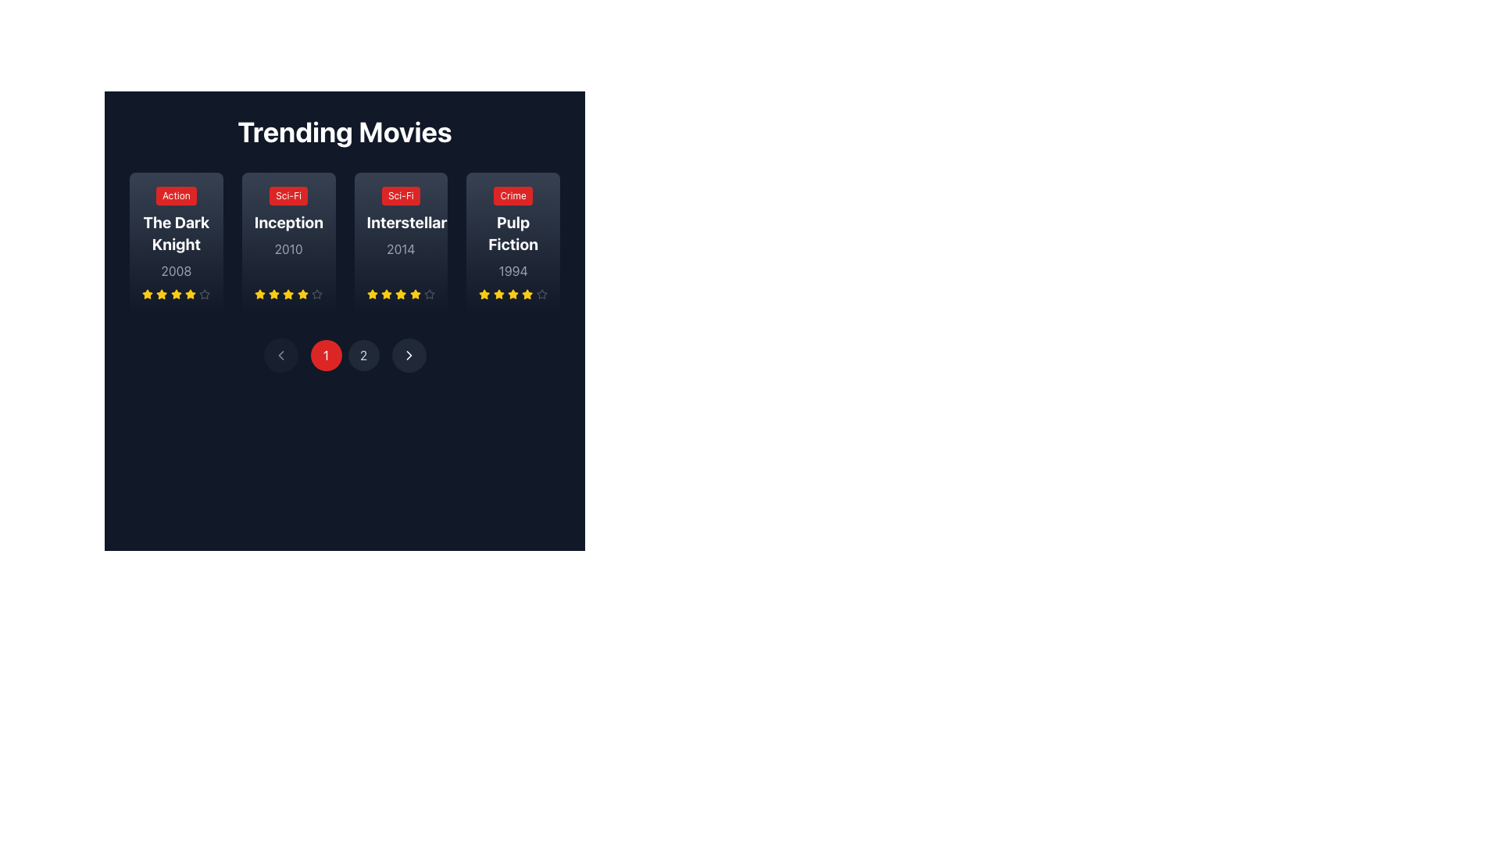 This screenshot has width=1500, height=844. I want to click on the Movie information card for 'Pulp Fiction' which has a red badge labeled 'Crime', bold white title text, and gray year text, located in the 'Trending Movies' section, so click(513, 232).